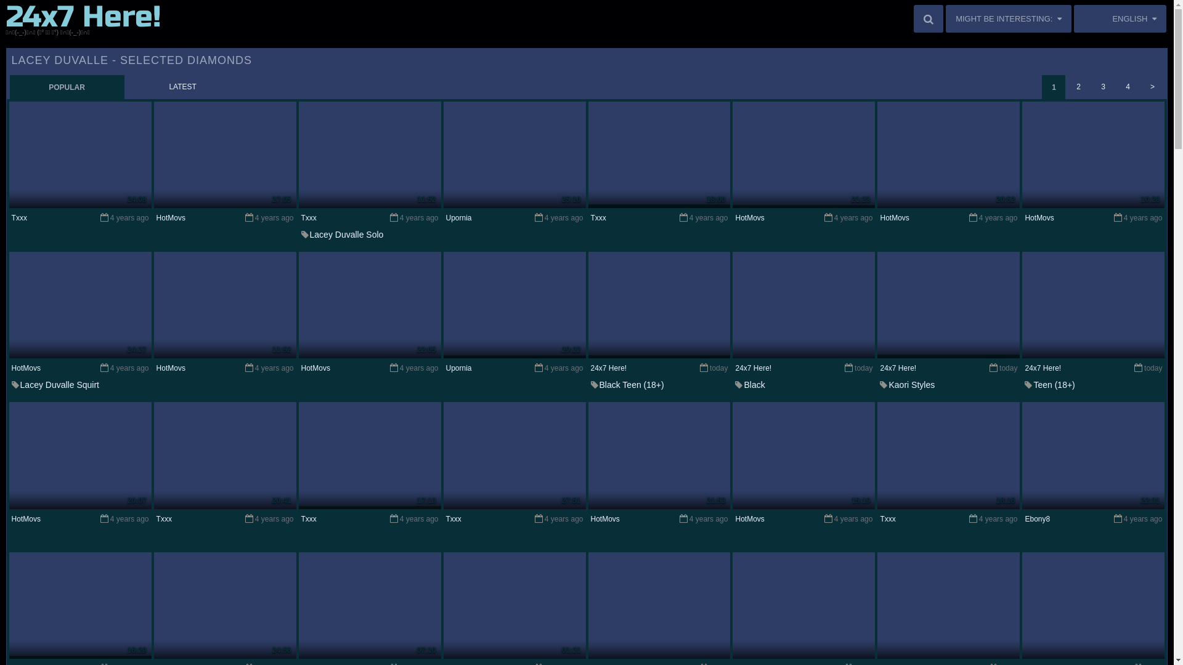 Image resolution: width=1183 pixels, height=665 pixels. I want to click on 'HotMovs', so click(170, 217).